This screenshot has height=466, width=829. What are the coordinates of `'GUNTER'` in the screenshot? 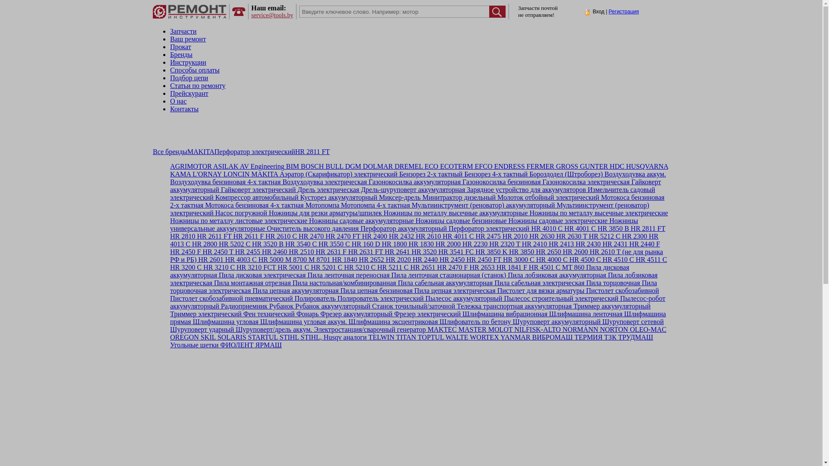 It's located at (592, 166).